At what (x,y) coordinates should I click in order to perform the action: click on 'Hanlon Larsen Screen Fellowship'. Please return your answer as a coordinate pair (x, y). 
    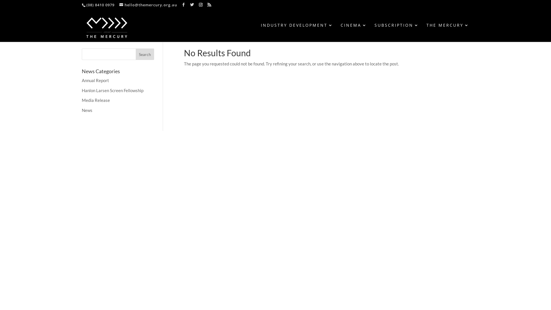
    Looking at the image, I should click on (112, 90).